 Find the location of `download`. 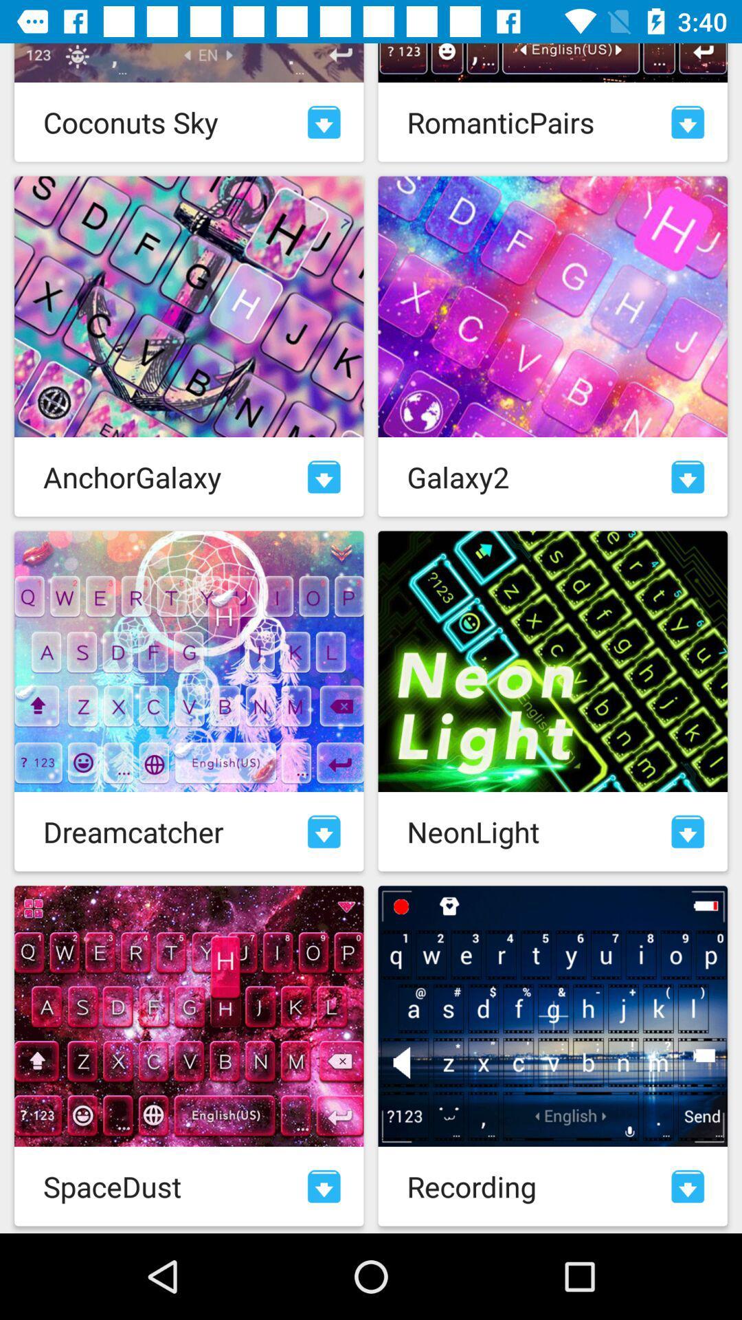

download is located at coordinates (688, 122).